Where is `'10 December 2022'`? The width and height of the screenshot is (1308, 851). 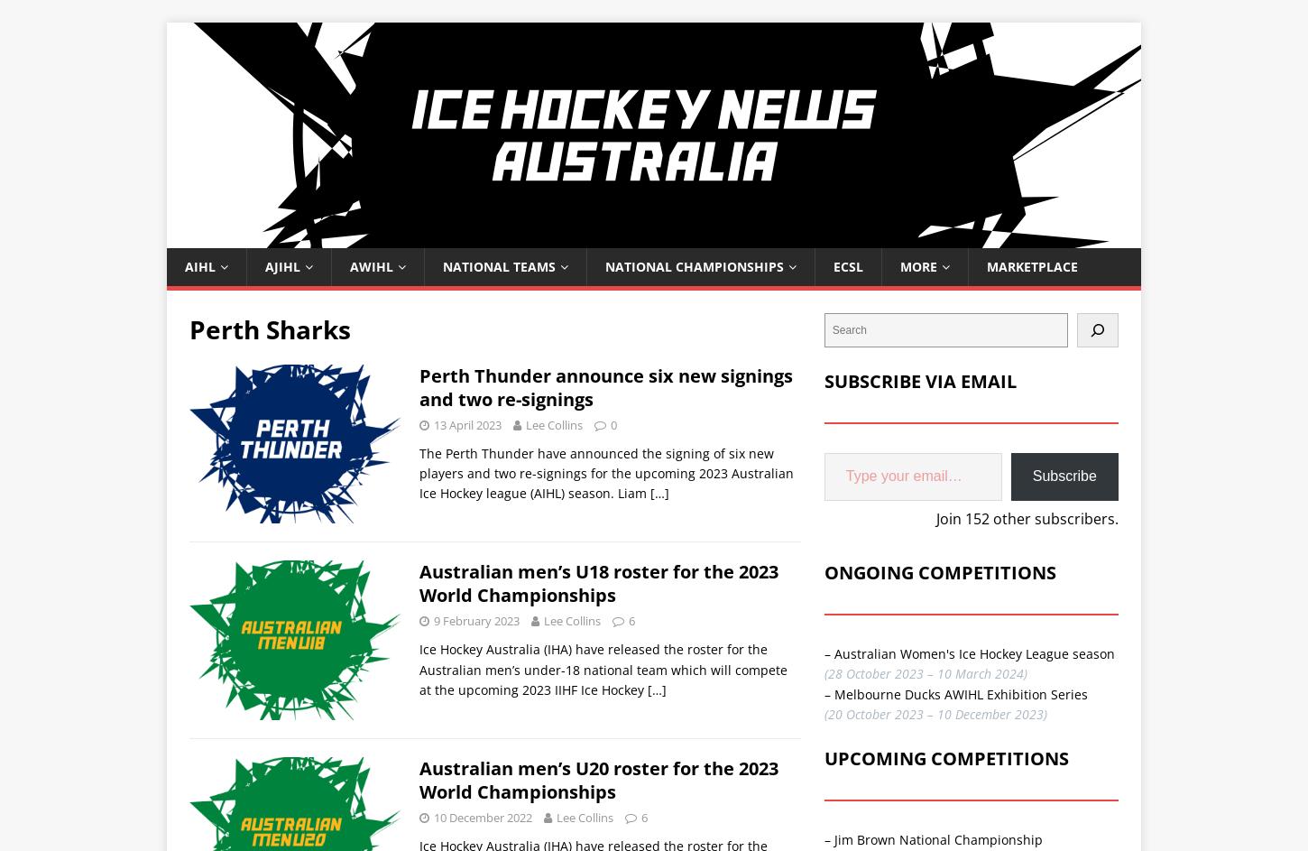
'10 December 2022' is located at coordinates (483, 817).